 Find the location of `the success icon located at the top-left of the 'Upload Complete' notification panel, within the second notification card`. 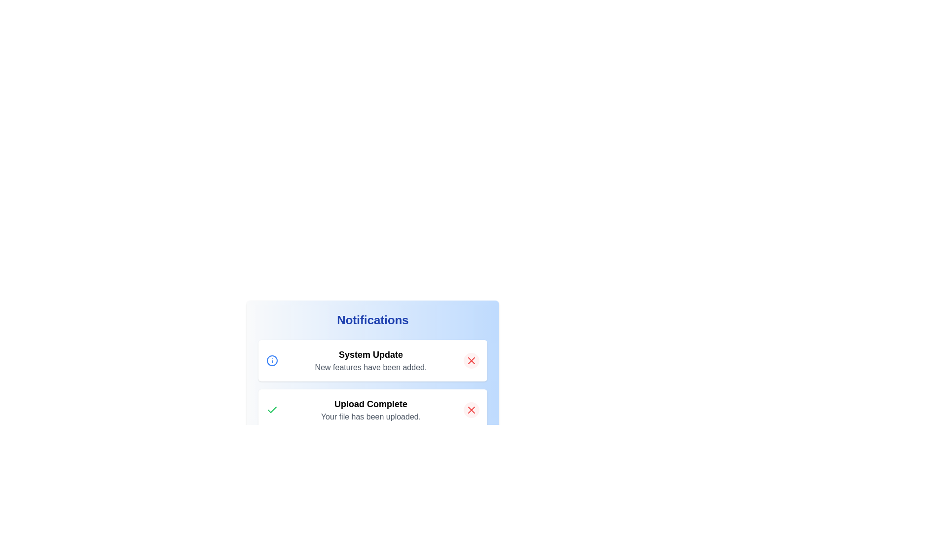

the success icon located at the top-left of the 'Upload Complete' notification panel, within the second notification card is located at coordinates (272, 410).